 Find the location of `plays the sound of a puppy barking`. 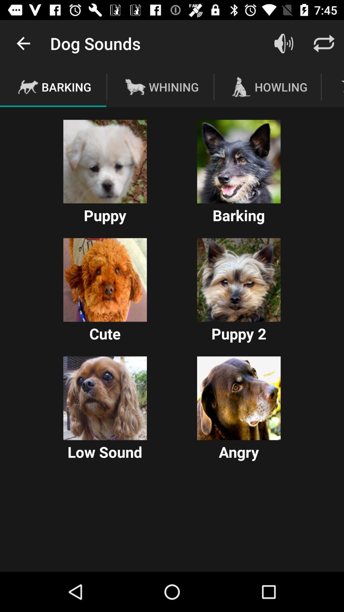

plays the sound of a puppy barking is located at coordinates (105, 162).